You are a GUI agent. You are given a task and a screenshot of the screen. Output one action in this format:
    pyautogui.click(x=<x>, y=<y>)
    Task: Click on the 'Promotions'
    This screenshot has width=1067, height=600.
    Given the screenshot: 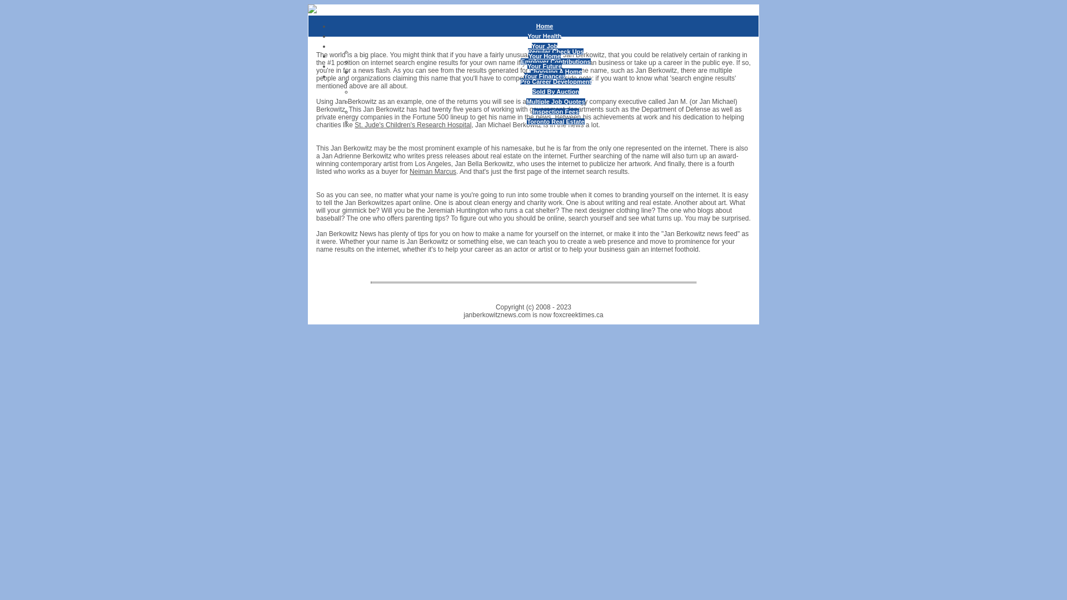 What is the action you would take?
    pyautogui.click(x=555, y=71)
    